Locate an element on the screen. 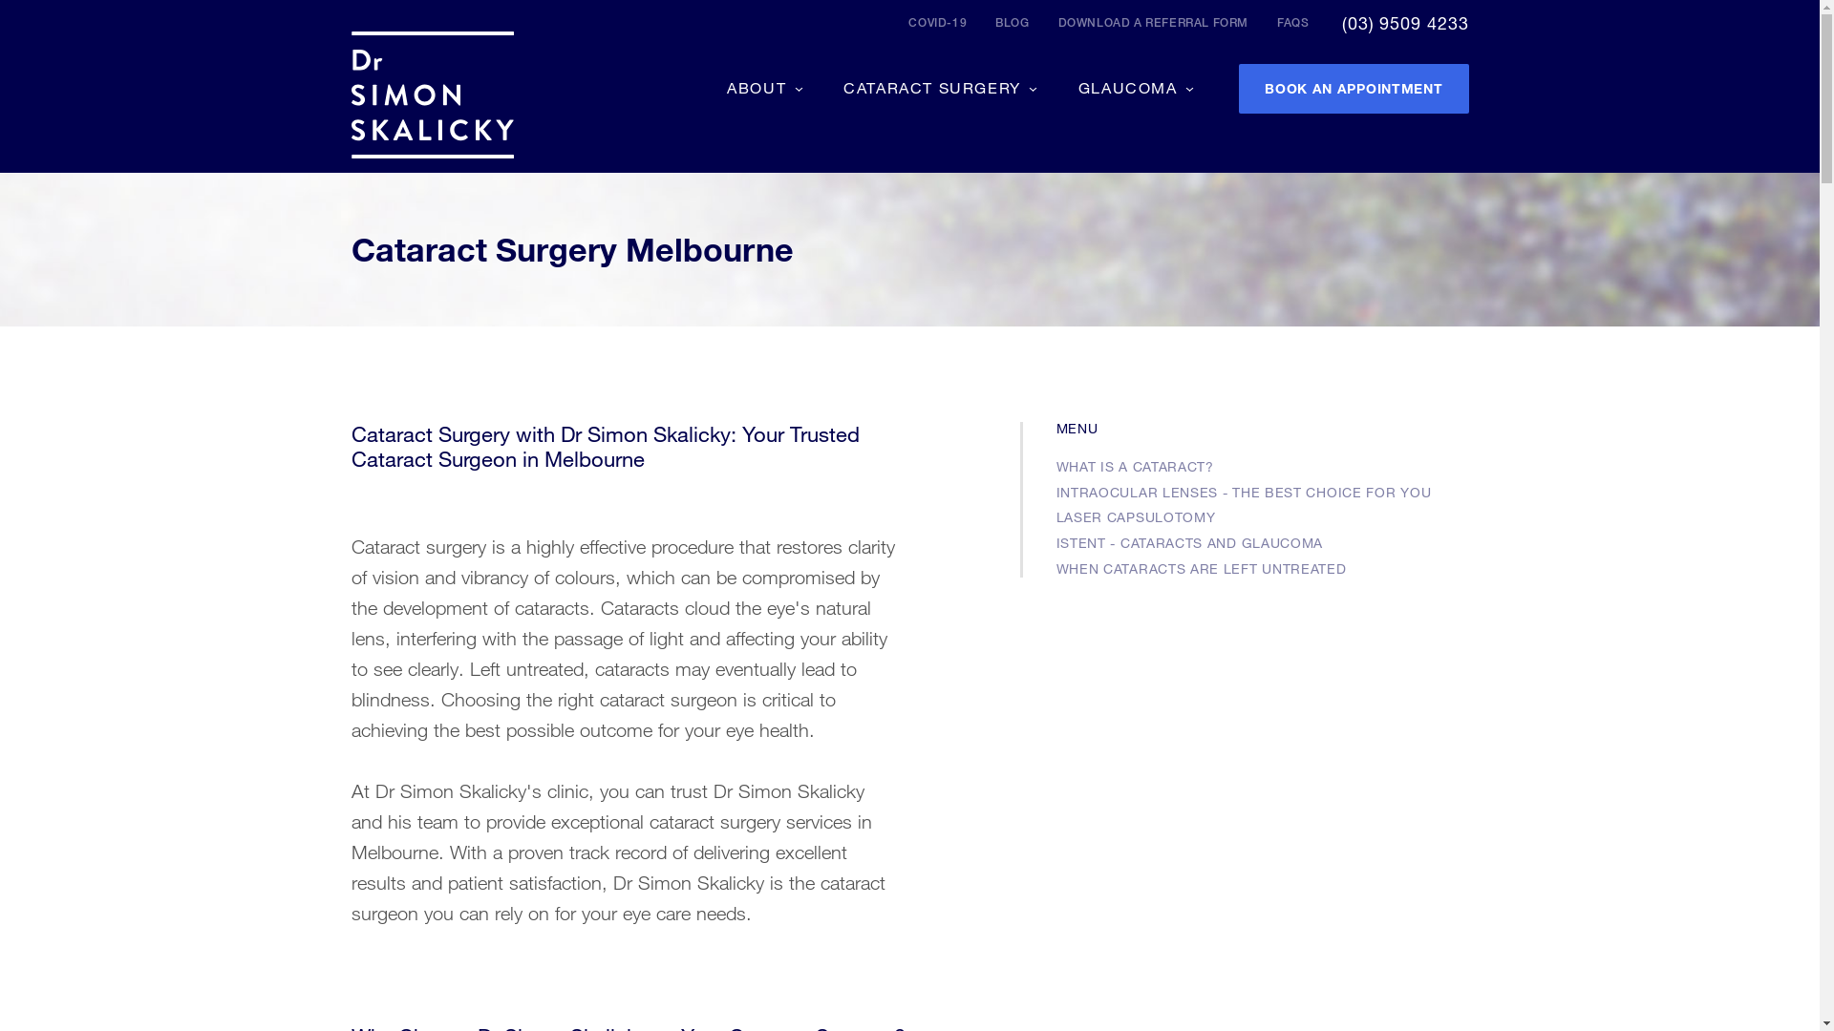 The width and height of the screenshot is (1834, 1031). 'COVID-19' is located at coordinates (906, 22).